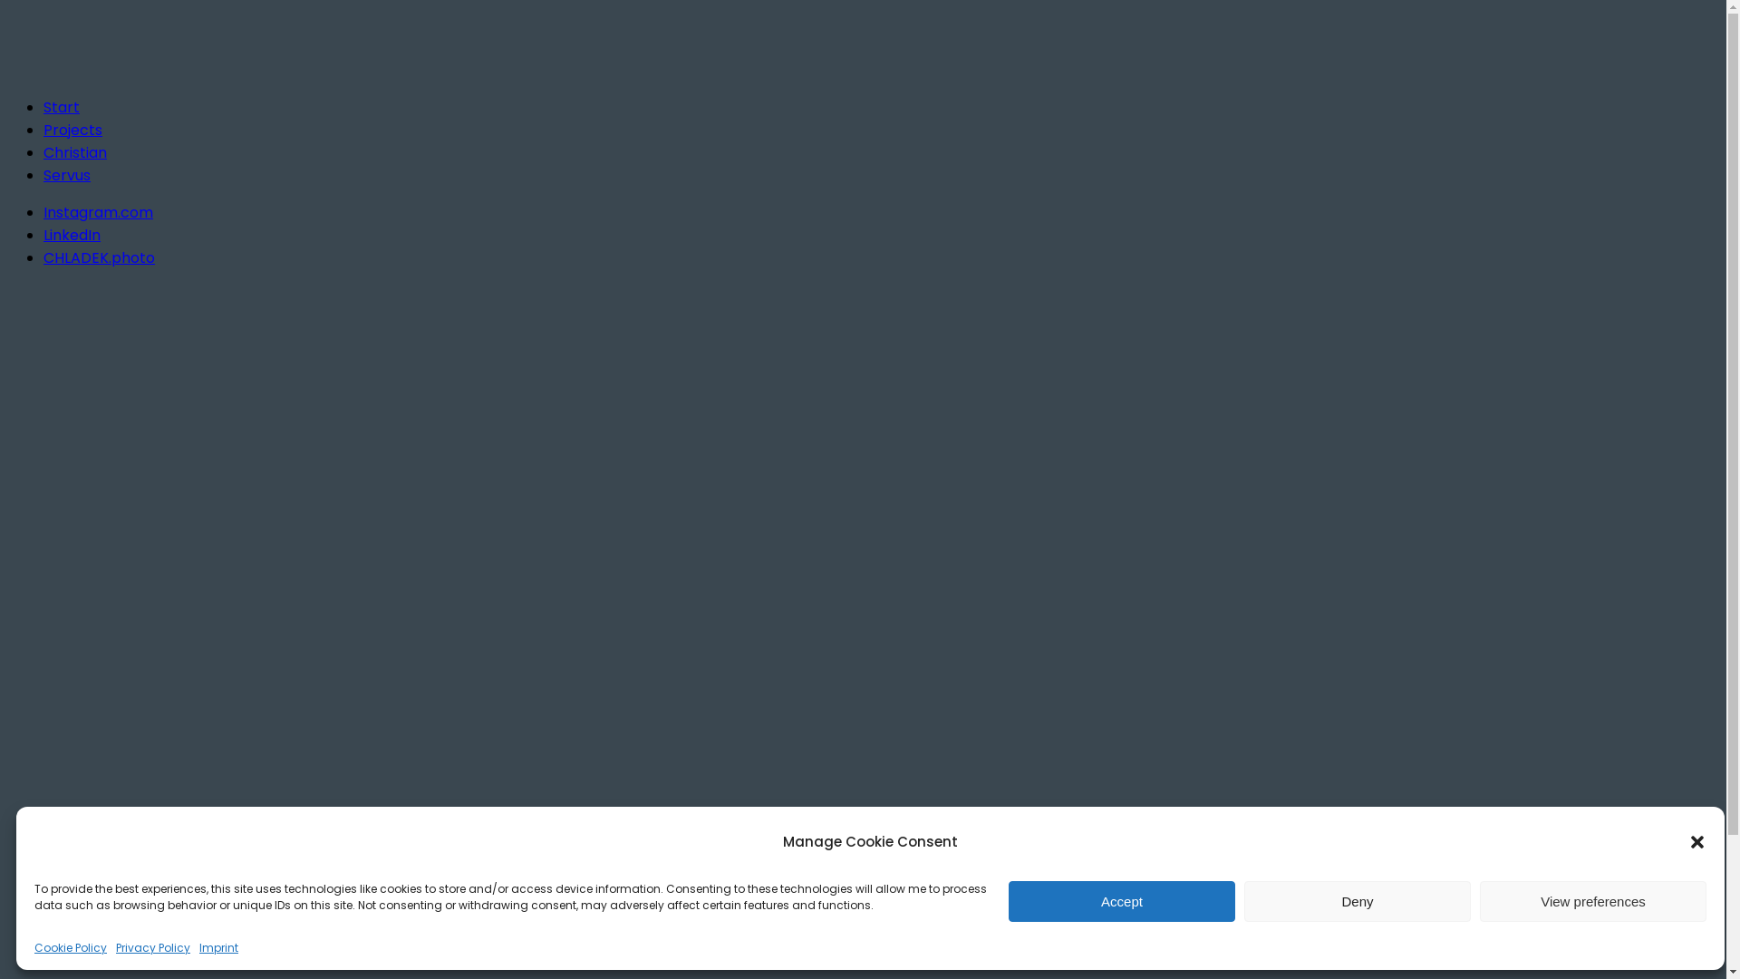 The height and width of the screenshot is (979, 1740). I want to click on 'CHLADEK.photo', so click(98, 257).